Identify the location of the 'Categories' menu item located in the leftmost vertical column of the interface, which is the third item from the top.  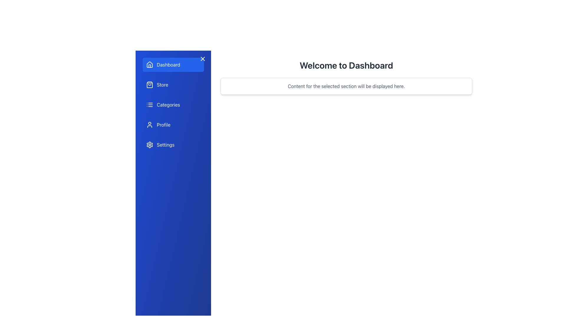
(173, 104).